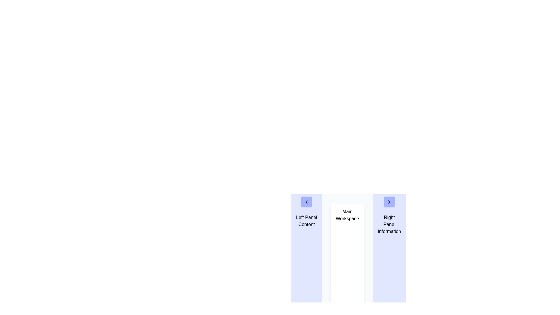 The width and height of the screenshot is (560, 315). What do you see at coordinates (389, 201) in the screenshot?
I see `the right-pointing chevron icon button located in the top-center area of the 'Right Panel Information'` at bounding box center [389, 201].